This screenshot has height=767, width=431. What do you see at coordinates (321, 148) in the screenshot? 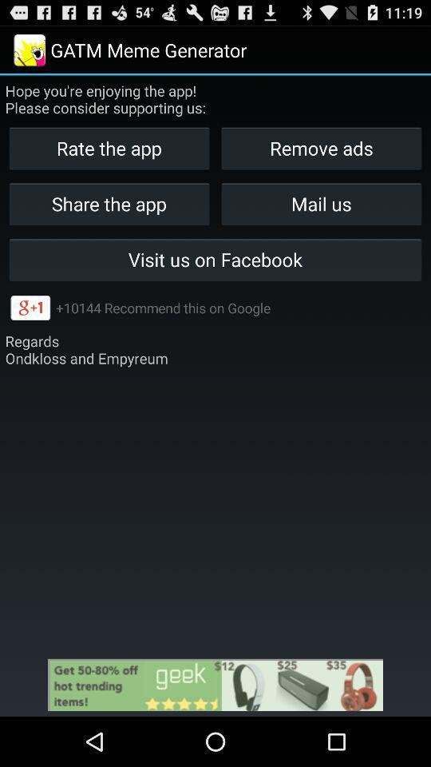
I see `the icon below the hope you re icon` at bounding box center [321, 148].